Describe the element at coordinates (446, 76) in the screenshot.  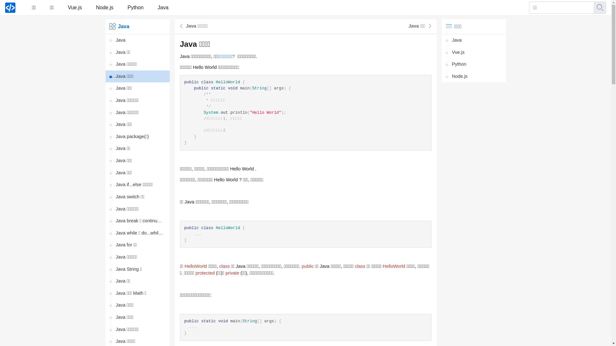
I see `'Node.js'` at that location.